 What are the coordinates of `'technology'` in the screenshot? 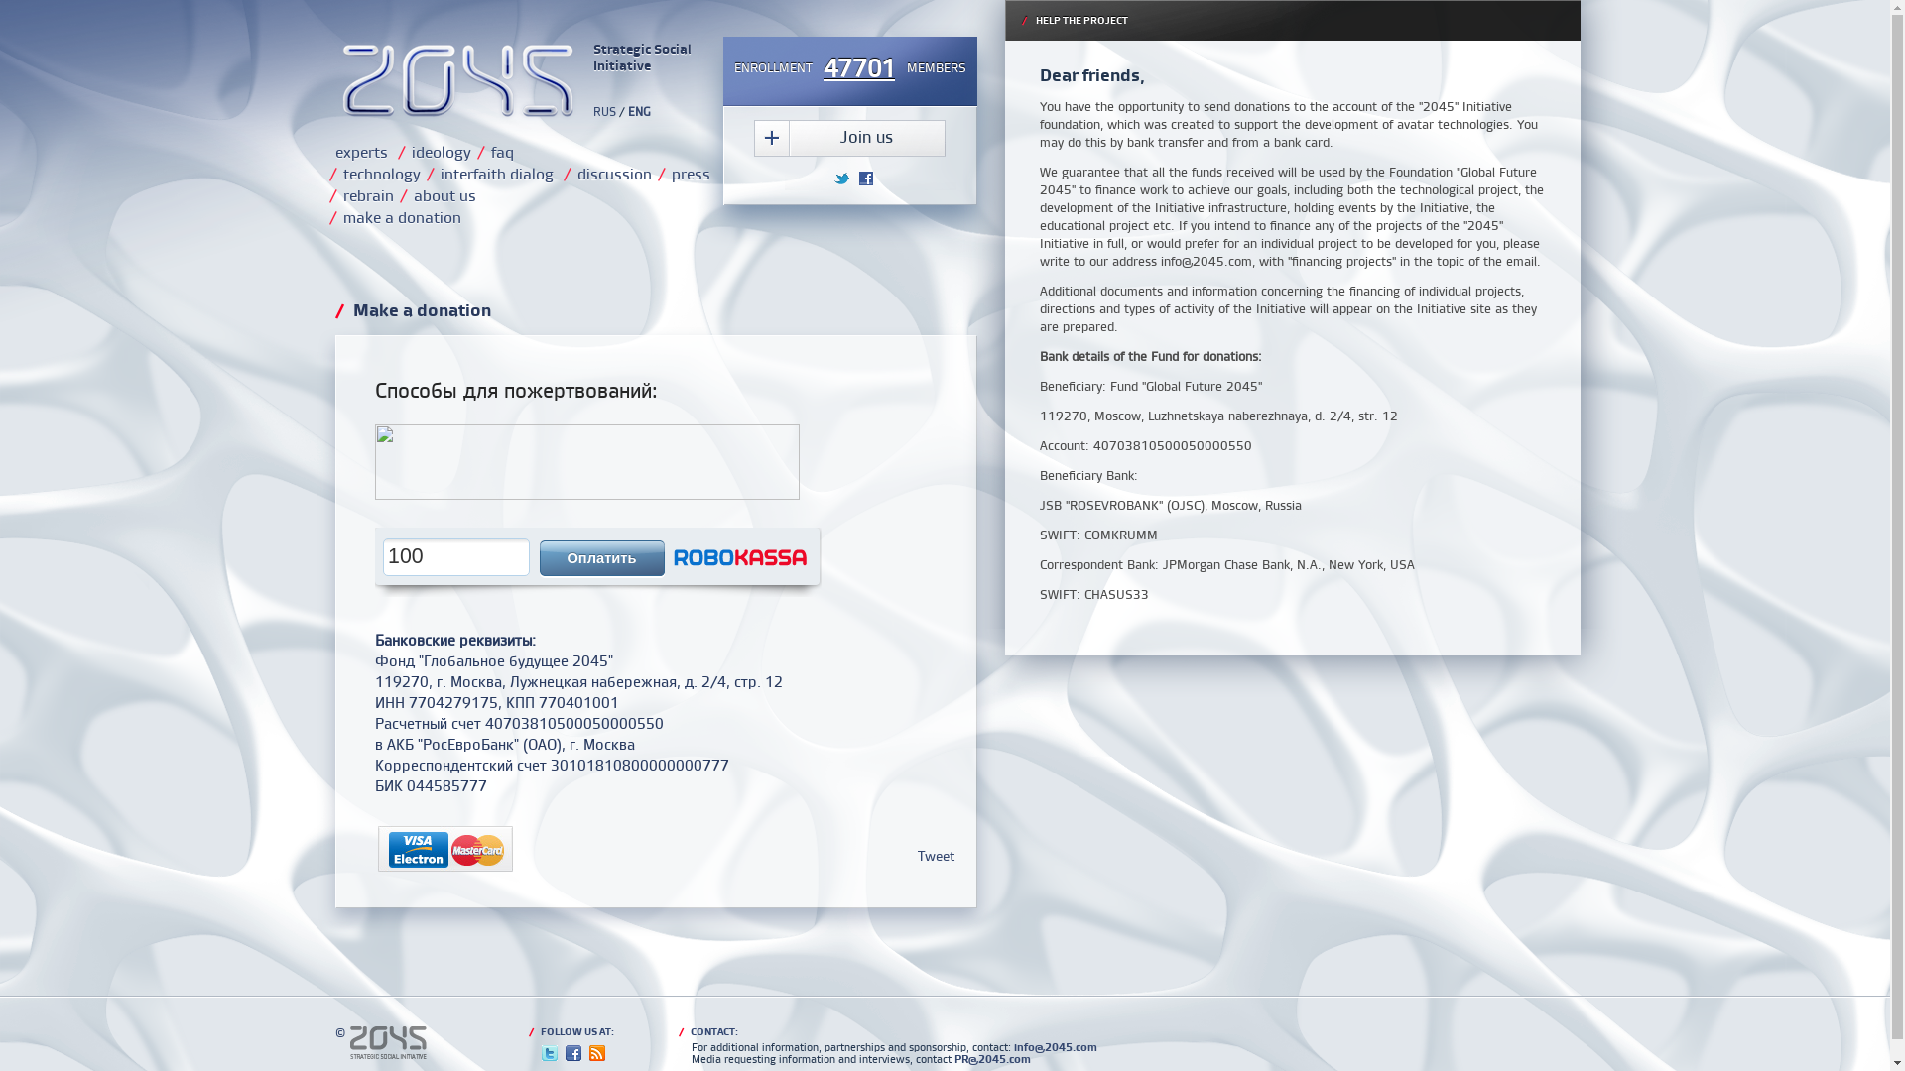 It's located at (381, 172).